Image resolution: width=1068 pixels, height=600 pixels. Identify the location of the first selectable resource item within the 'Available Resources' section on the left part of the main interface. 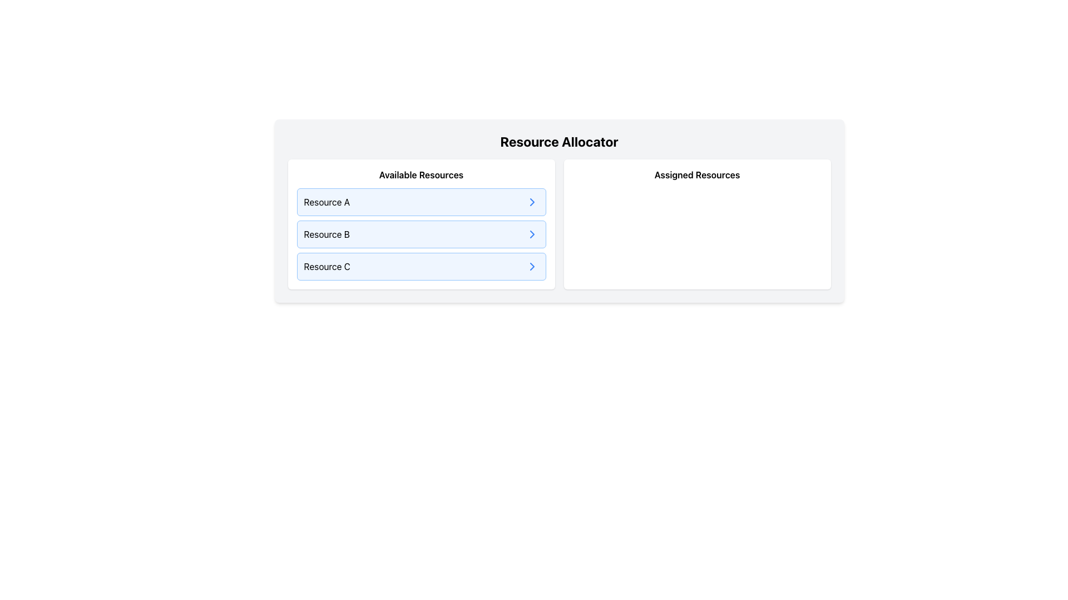
(421, 202).